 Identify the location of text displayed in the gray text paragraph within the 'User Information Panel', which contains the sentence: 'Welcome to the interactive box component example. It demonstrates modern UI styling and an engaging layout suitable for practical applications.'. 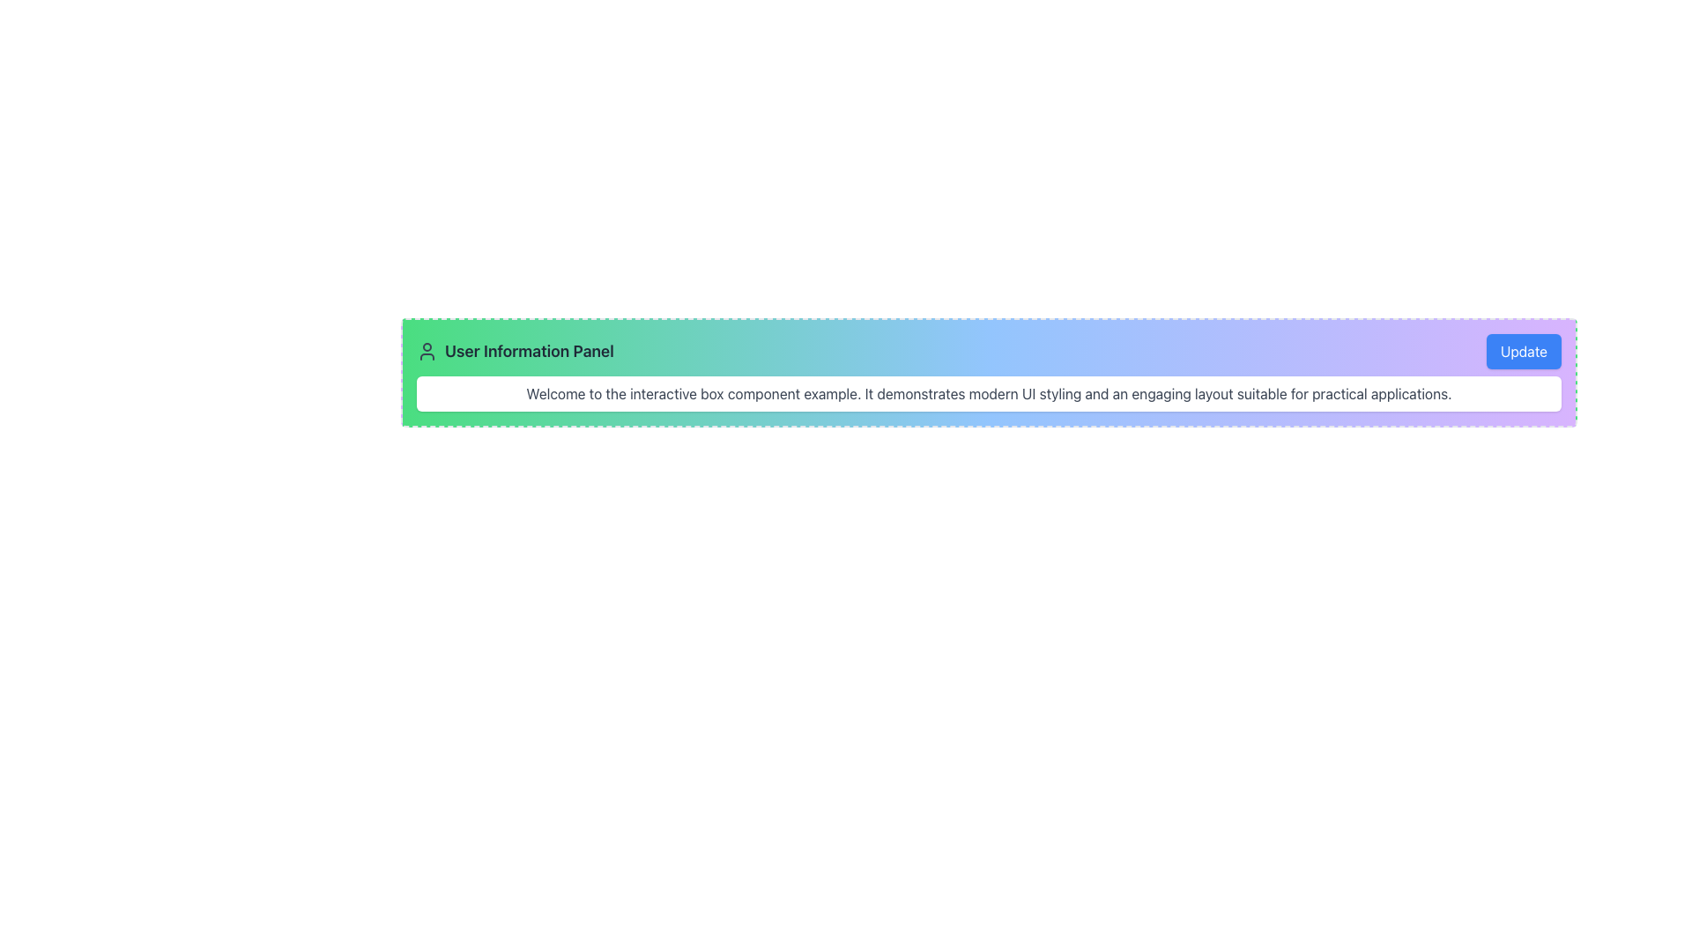
(989, 393).